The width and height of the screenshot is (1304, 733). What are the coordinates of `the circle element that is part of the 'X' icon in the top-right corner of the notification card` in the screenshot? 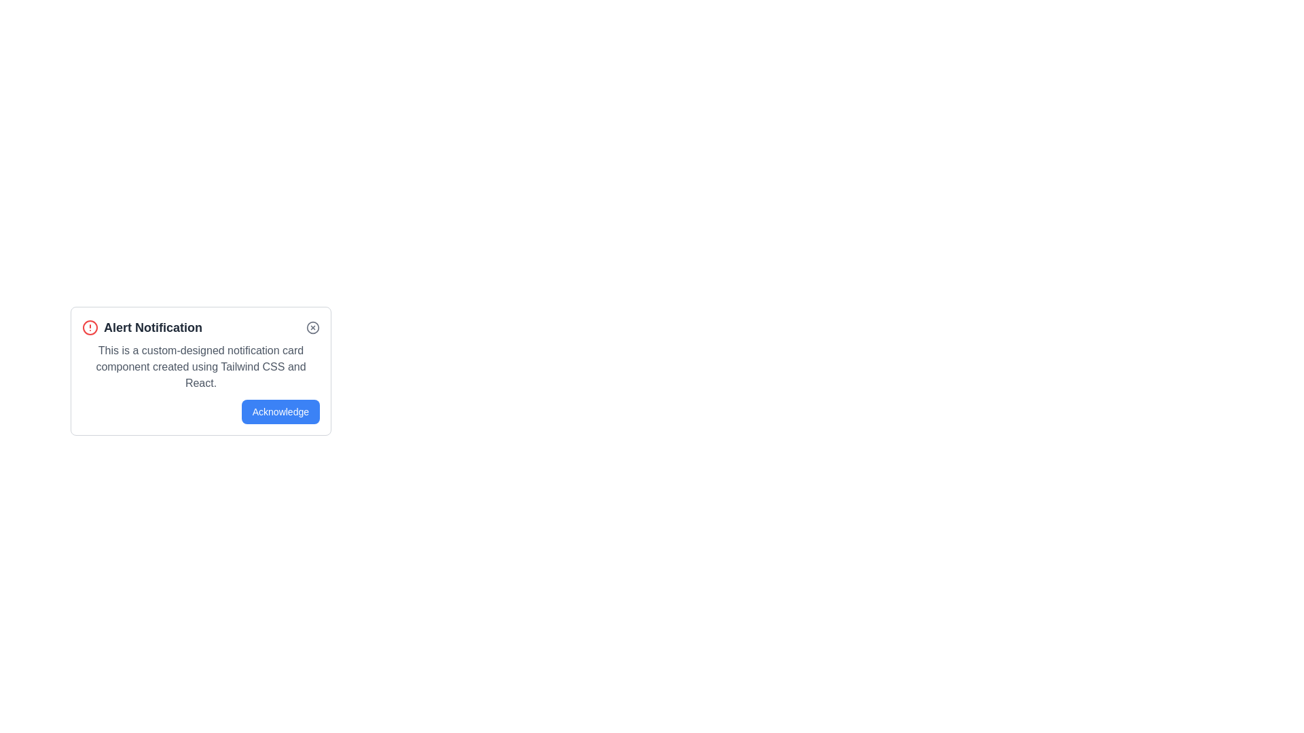 It's located at (312, 327).